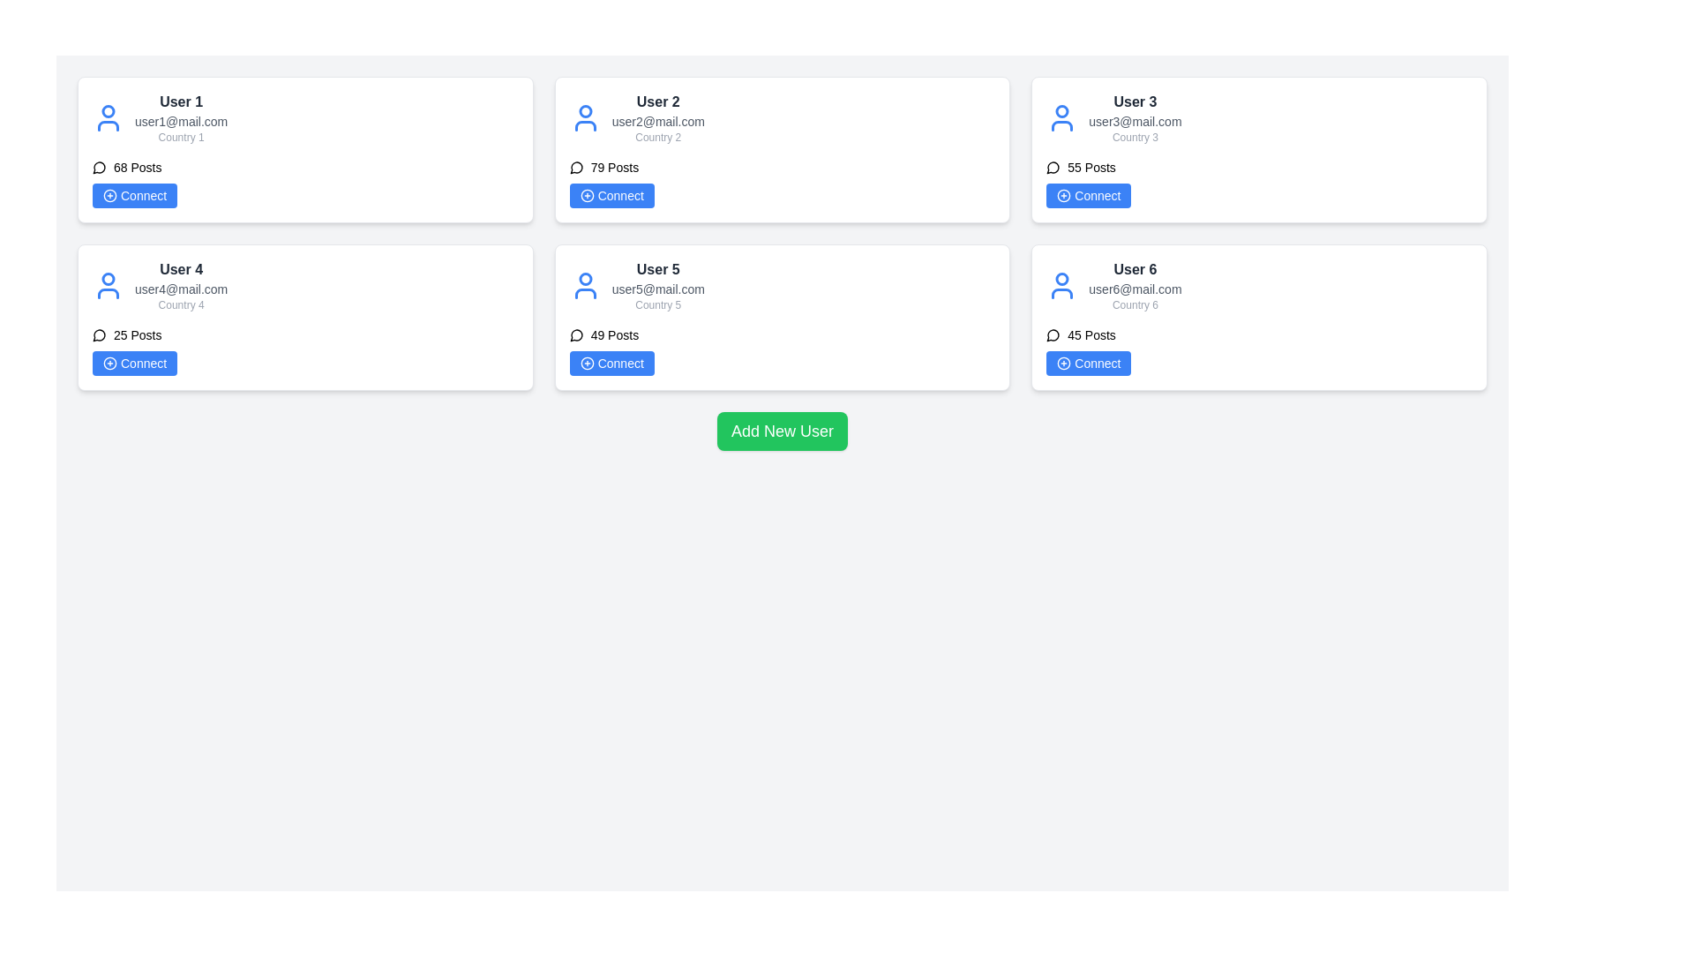  Describe the element at coordinates (137, 167) in the screenshot. I see `informational text label indicating the number of posts or comments associated with 'User 1', located within the card in the top-left corner of the layout grid, immediately to the right of the speech bubble icon and above the 'Connect' button` at that location.